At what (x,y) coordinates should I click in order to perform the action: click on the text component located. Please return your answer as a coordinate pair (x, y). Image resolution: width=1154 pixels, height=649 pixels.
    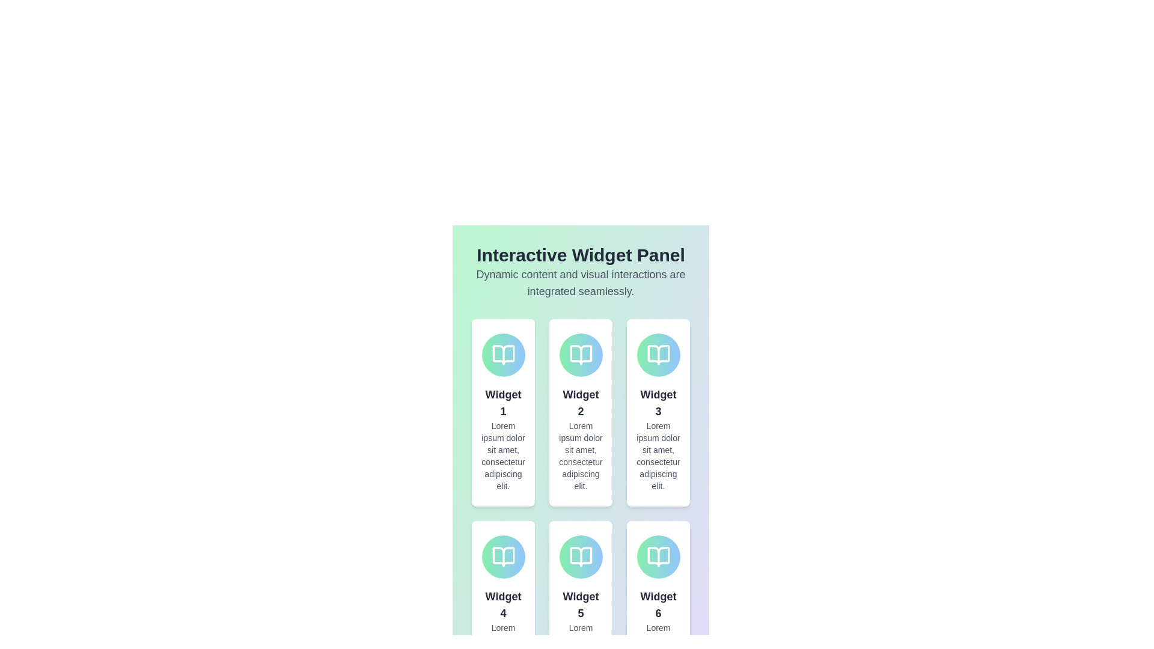
    Looking at the image, I should click on (658, 403).